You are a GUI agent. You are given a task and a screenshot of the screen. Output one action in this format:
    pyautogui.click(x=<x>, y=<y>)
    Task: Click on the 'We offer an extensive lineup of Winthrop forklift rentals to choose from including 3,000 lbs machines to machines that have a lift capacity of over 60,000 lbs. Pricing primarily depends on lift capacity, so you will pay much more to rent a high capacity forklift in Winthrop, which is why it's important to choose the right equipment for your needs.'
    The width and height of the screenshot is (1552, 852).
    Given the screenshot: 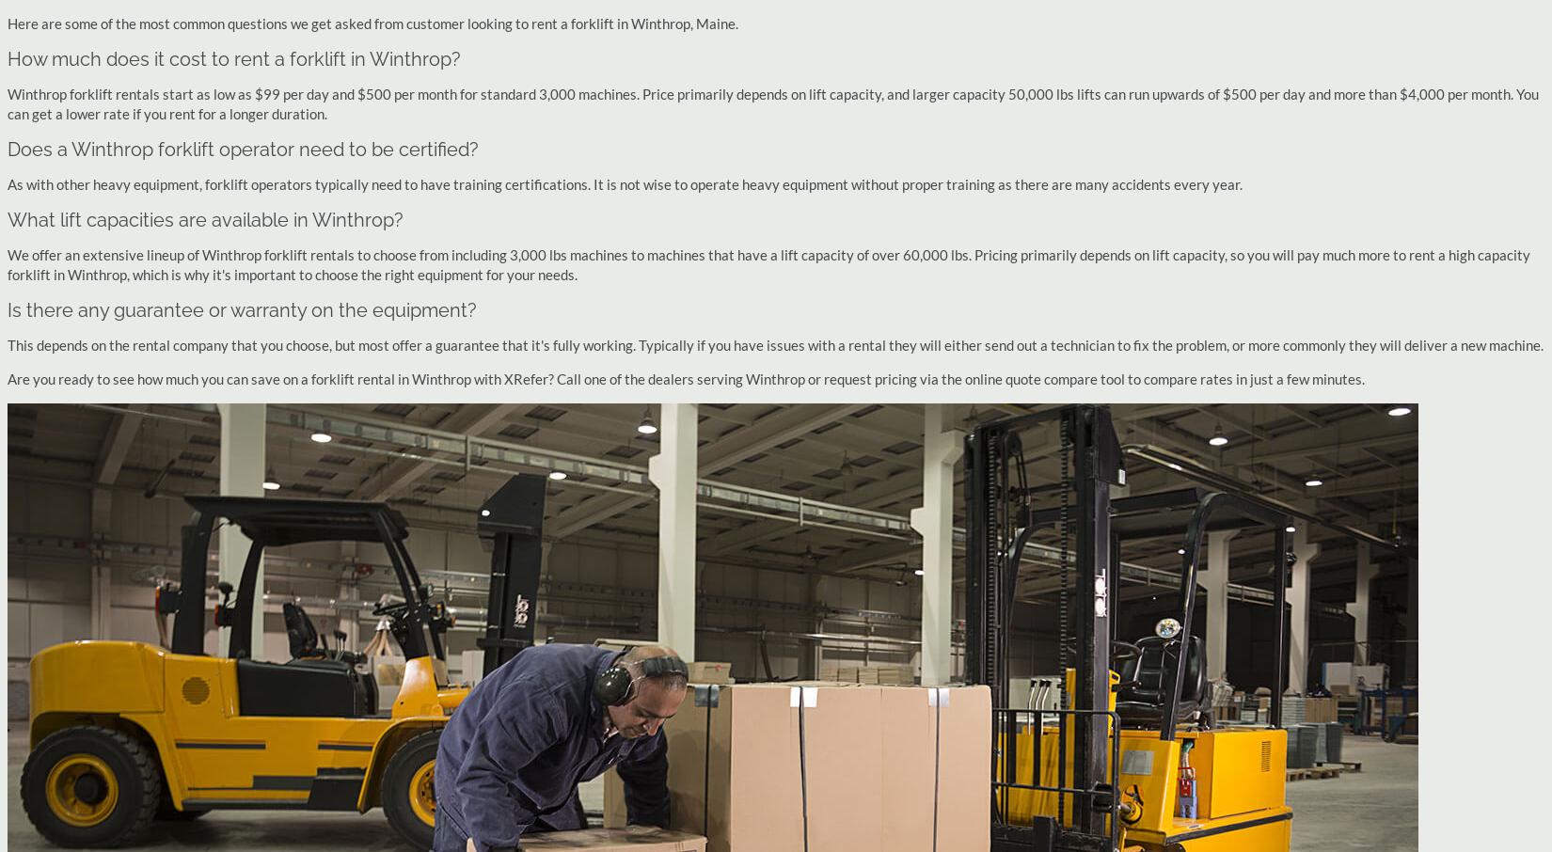 What is the action you would take?
    pyautogui.click(x=7, y=263)
    